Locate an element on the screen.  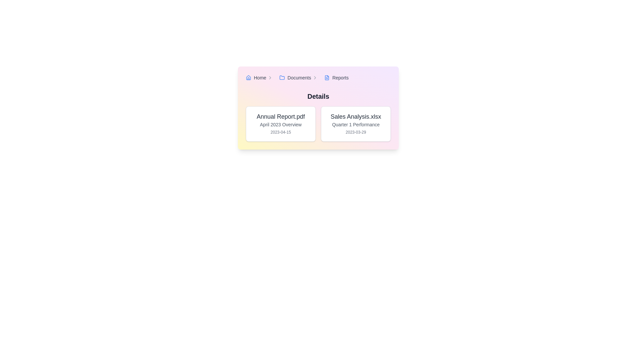
the 'Reports' icon in the breadcrumb navigation bar, which visually represents the 'Reports' section and is positioned directly before the 'Reports' text label is located at coordinates (327, 77).